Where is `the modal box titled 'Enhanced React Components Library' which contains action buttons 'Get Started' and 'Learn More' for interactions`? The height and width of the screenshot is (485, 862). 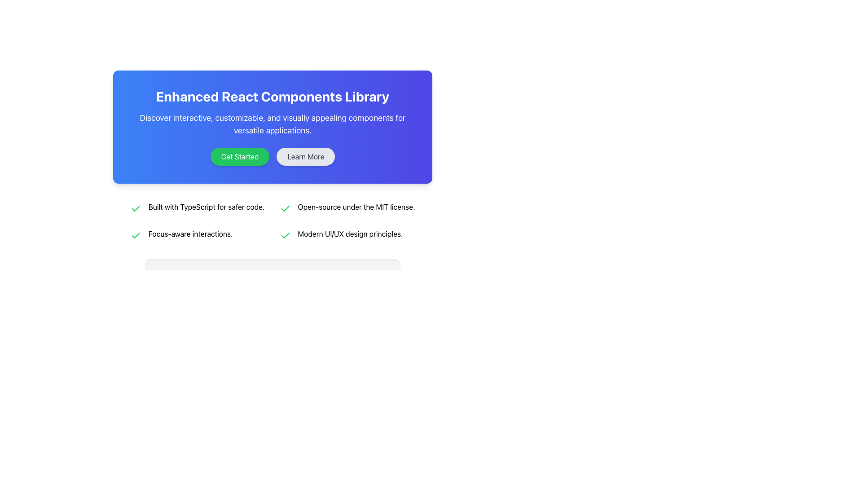 the modal box titled 'Enhanced React Components Library' which contains action buttons 'Get Started' and 'Learn More' for interactions is located at coordinates (272, 164).